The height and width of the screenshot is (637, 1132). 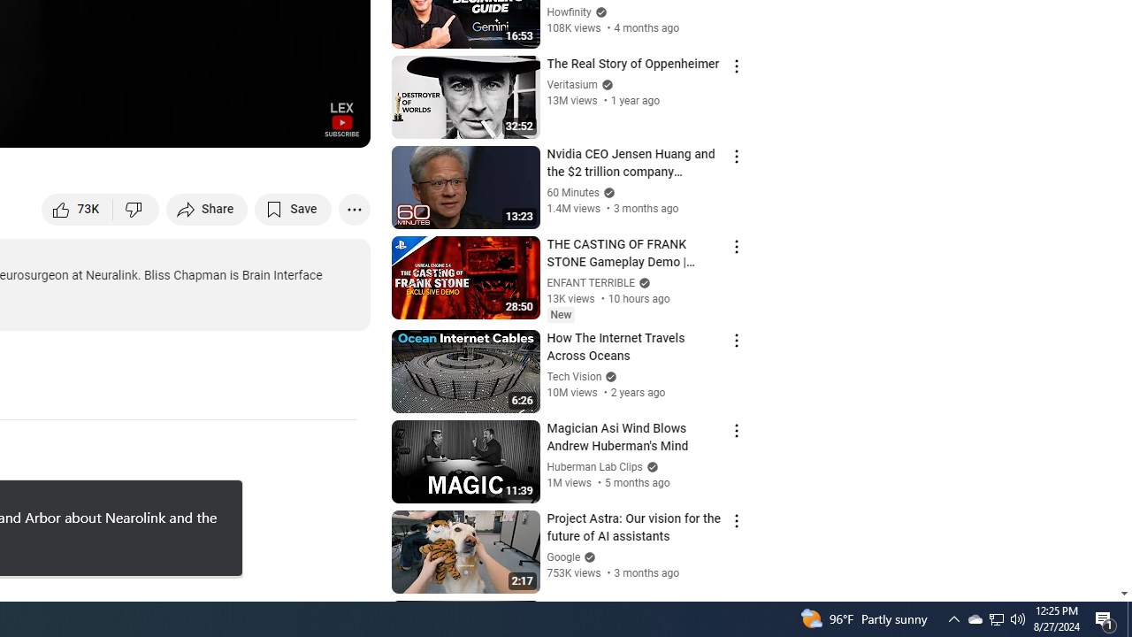 I want to click on 'Share', so click(x=207, y=208).